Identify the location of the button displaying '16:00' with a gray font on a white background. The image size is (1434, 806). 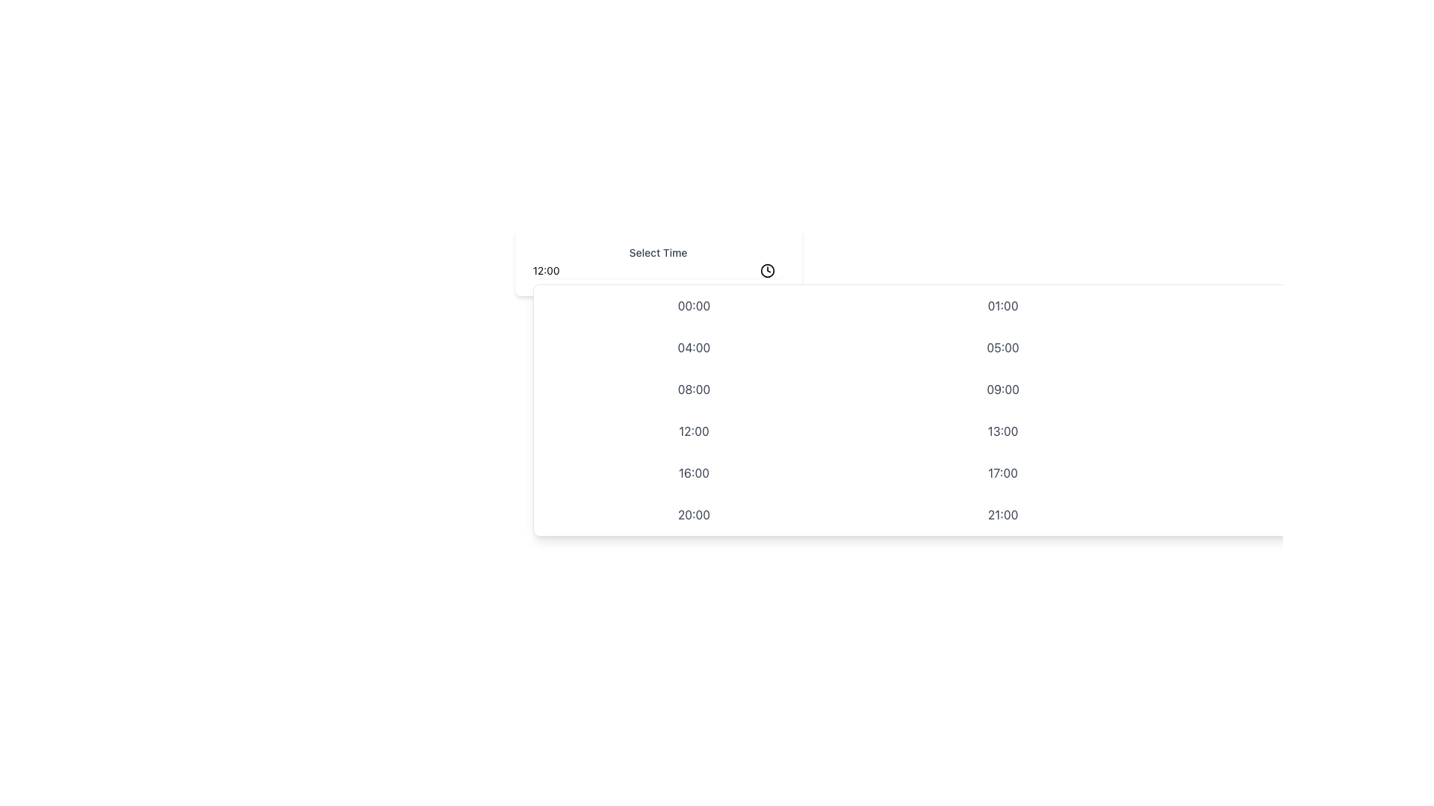
(693, 472).